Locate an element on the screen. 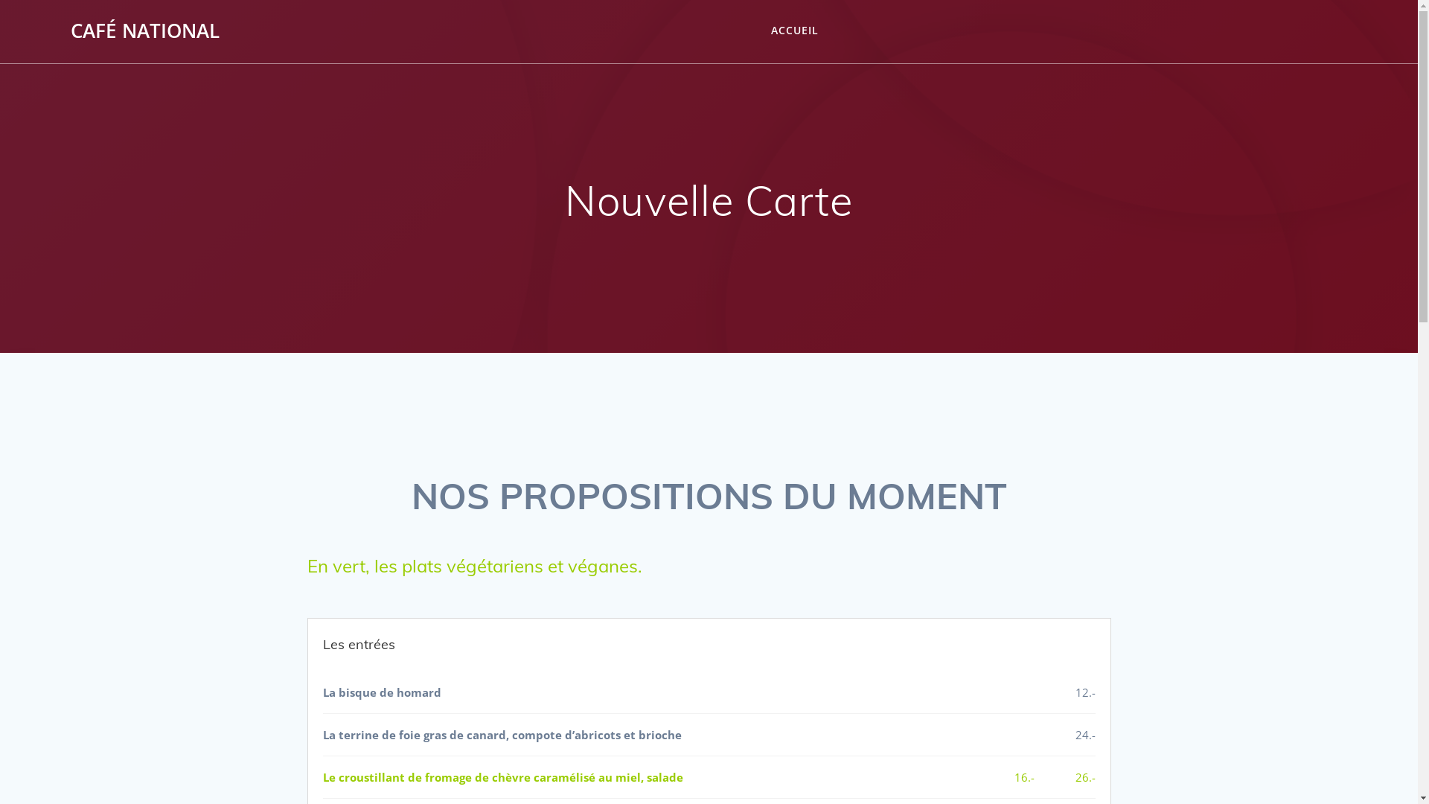 The height and width of the screenshot is (804, 1429). 'ACCUEIL' is located at coordinates (793, 31).